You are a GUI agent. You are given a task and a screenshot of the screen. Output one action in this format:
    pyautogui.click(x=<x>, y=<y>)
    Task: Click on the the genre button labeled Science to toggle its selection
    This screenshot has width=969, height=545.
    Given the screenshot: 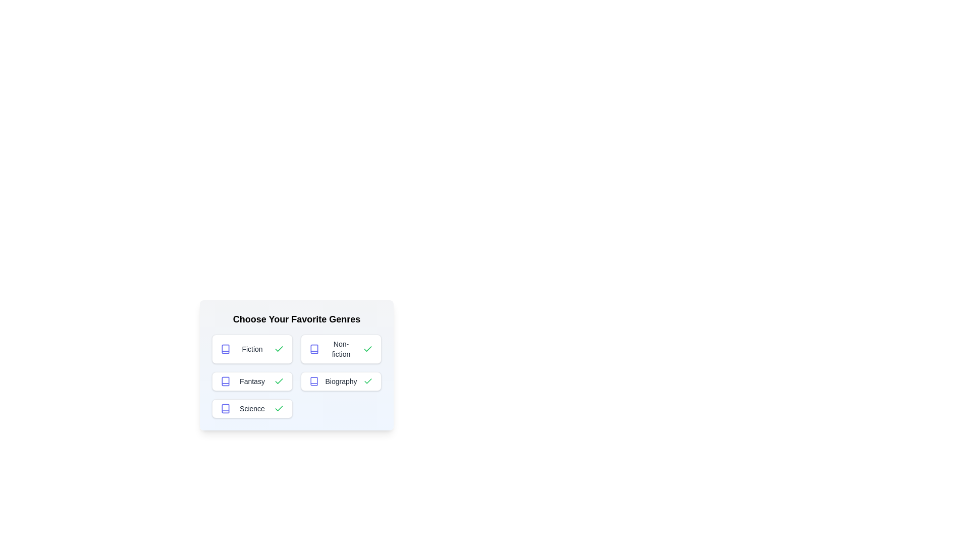 What is the action you would take?
    pyautogui.click(x=252, y=409)
    